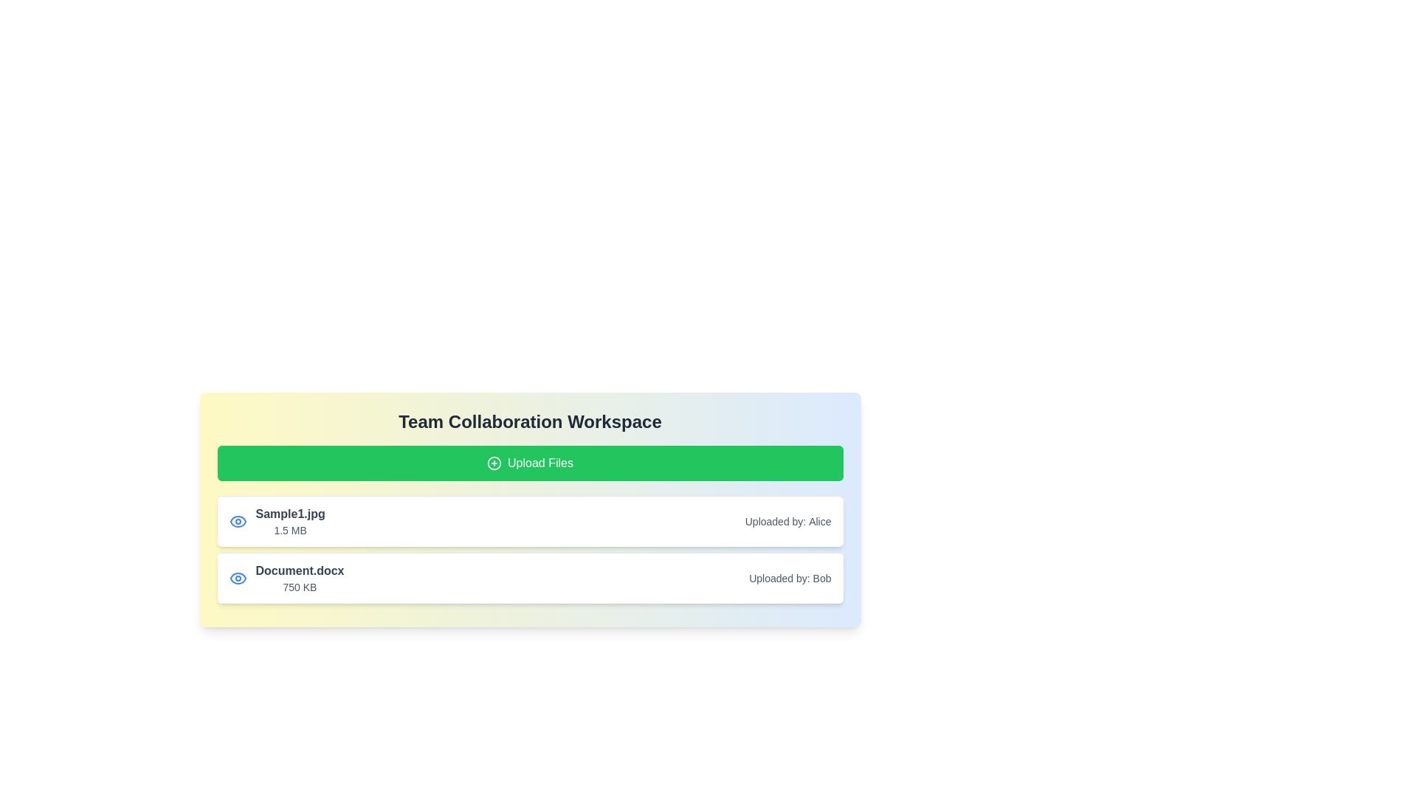  What do you see at coordinates (299, 570) in the screenshot?
I see `the text label displaying the file name 'Document.docx'` at bounding box center [299, 570].